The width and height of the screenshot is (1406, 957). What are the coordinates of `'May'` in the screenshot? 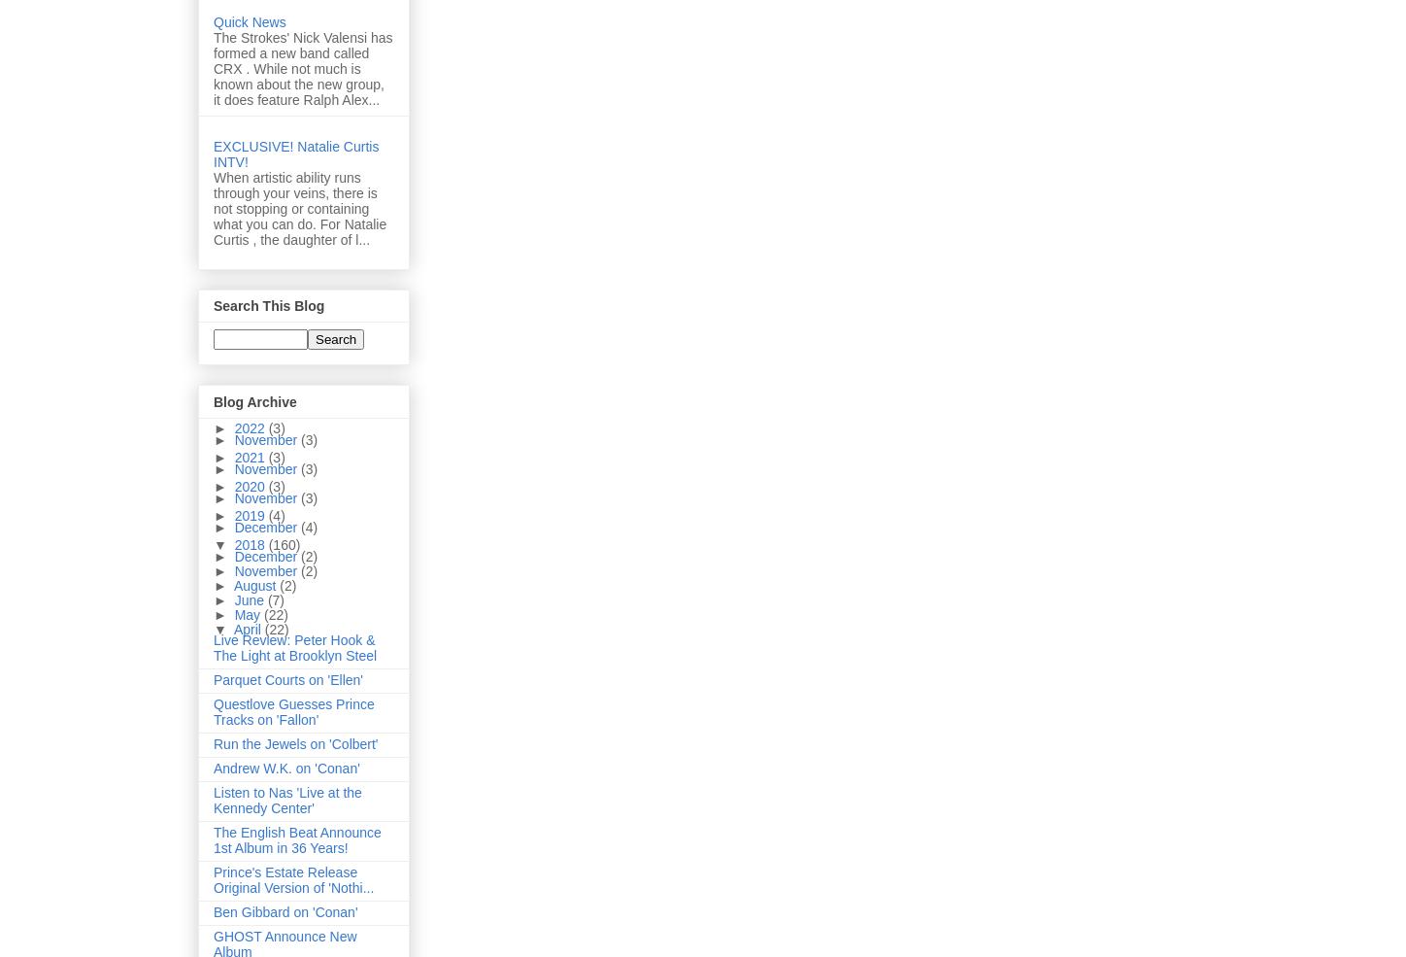 It's located at (233, 612).